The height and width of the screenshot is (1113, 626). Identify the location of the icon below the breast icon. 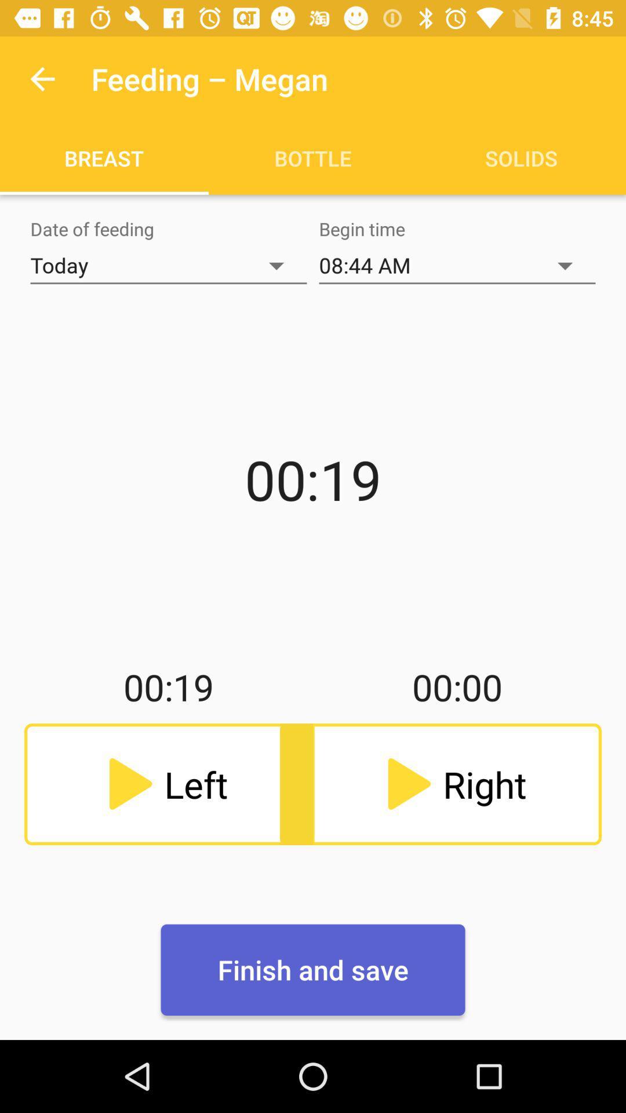
(168, 265).